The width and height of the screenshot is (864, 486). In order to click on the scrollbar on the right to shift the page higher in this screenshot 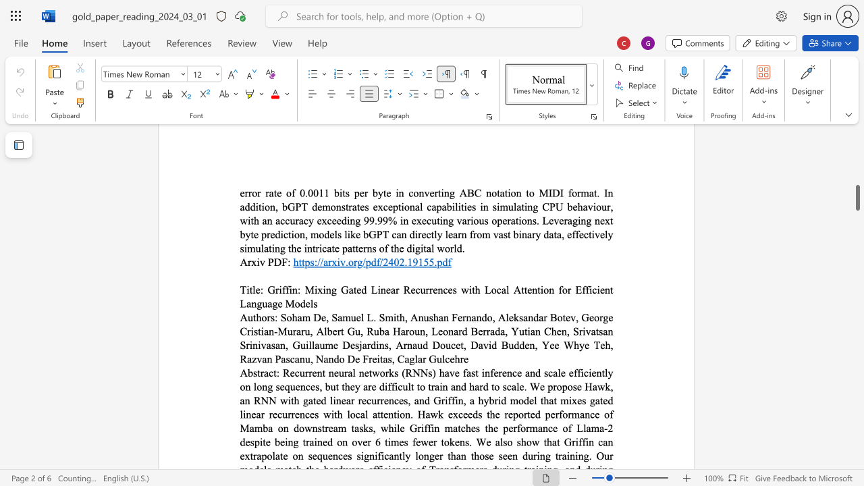, I will do `click(857, 189)`.